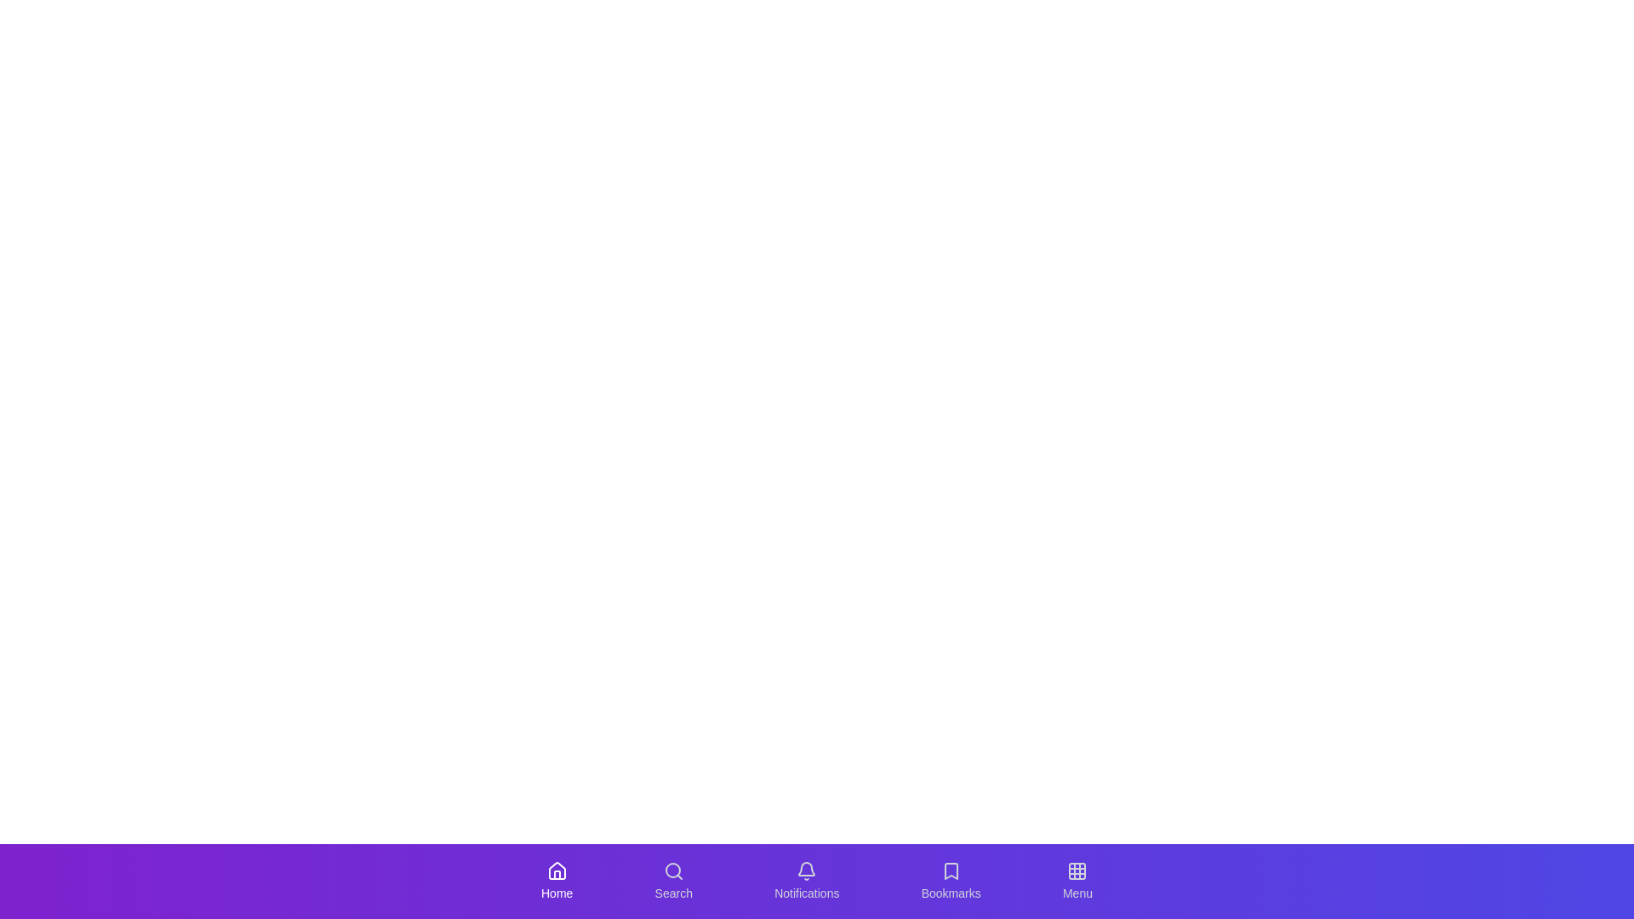 The height and width of the screenshot is (919, 1634). Describe the element at coordinates (806, 881) in the screenshot. I see `the Notifications tab in the navigation bar` at that location.